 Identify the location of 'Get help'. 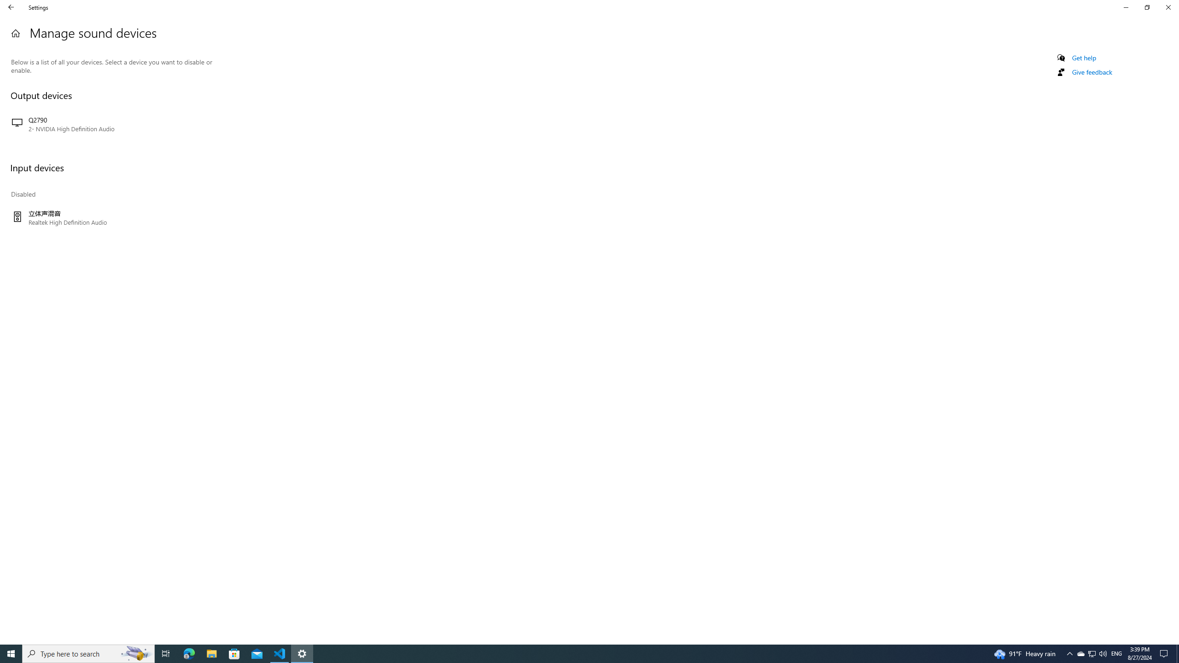
(1083, 58).